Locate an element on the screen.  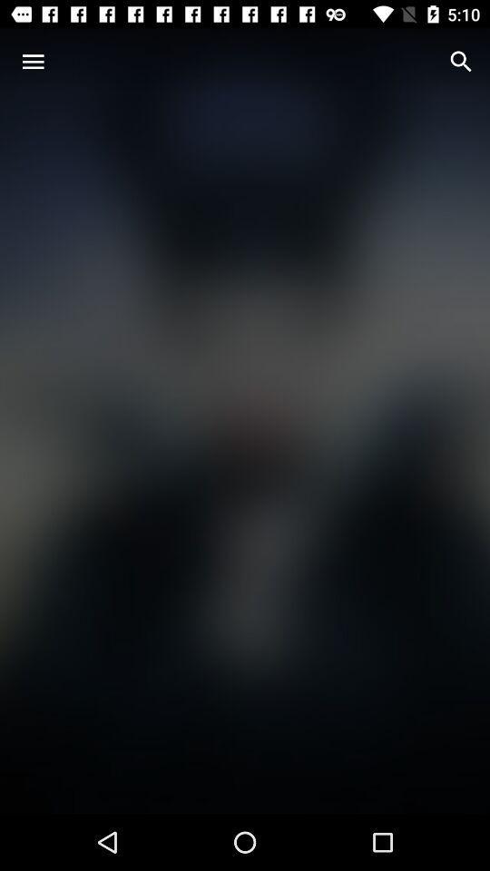
icon at the top left corner is located at coordinates (33, 62).